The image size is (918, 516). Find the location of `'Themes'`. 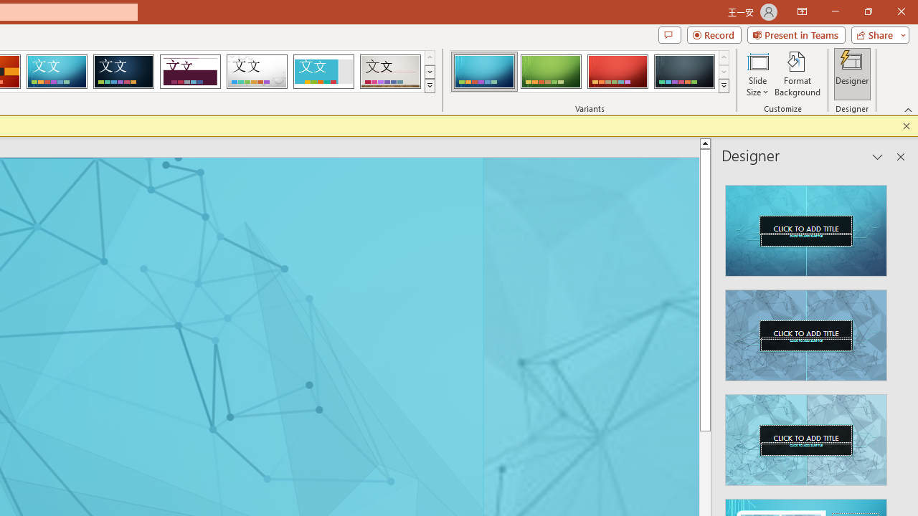

'Themes' is located at coordinates (429, 86).